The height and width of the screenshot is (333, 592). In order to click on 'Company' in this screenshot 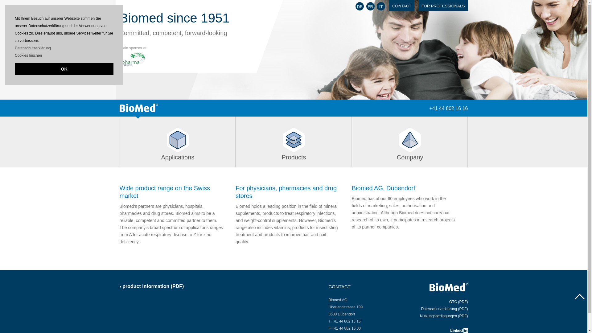, I will do `click(410, 142)`.